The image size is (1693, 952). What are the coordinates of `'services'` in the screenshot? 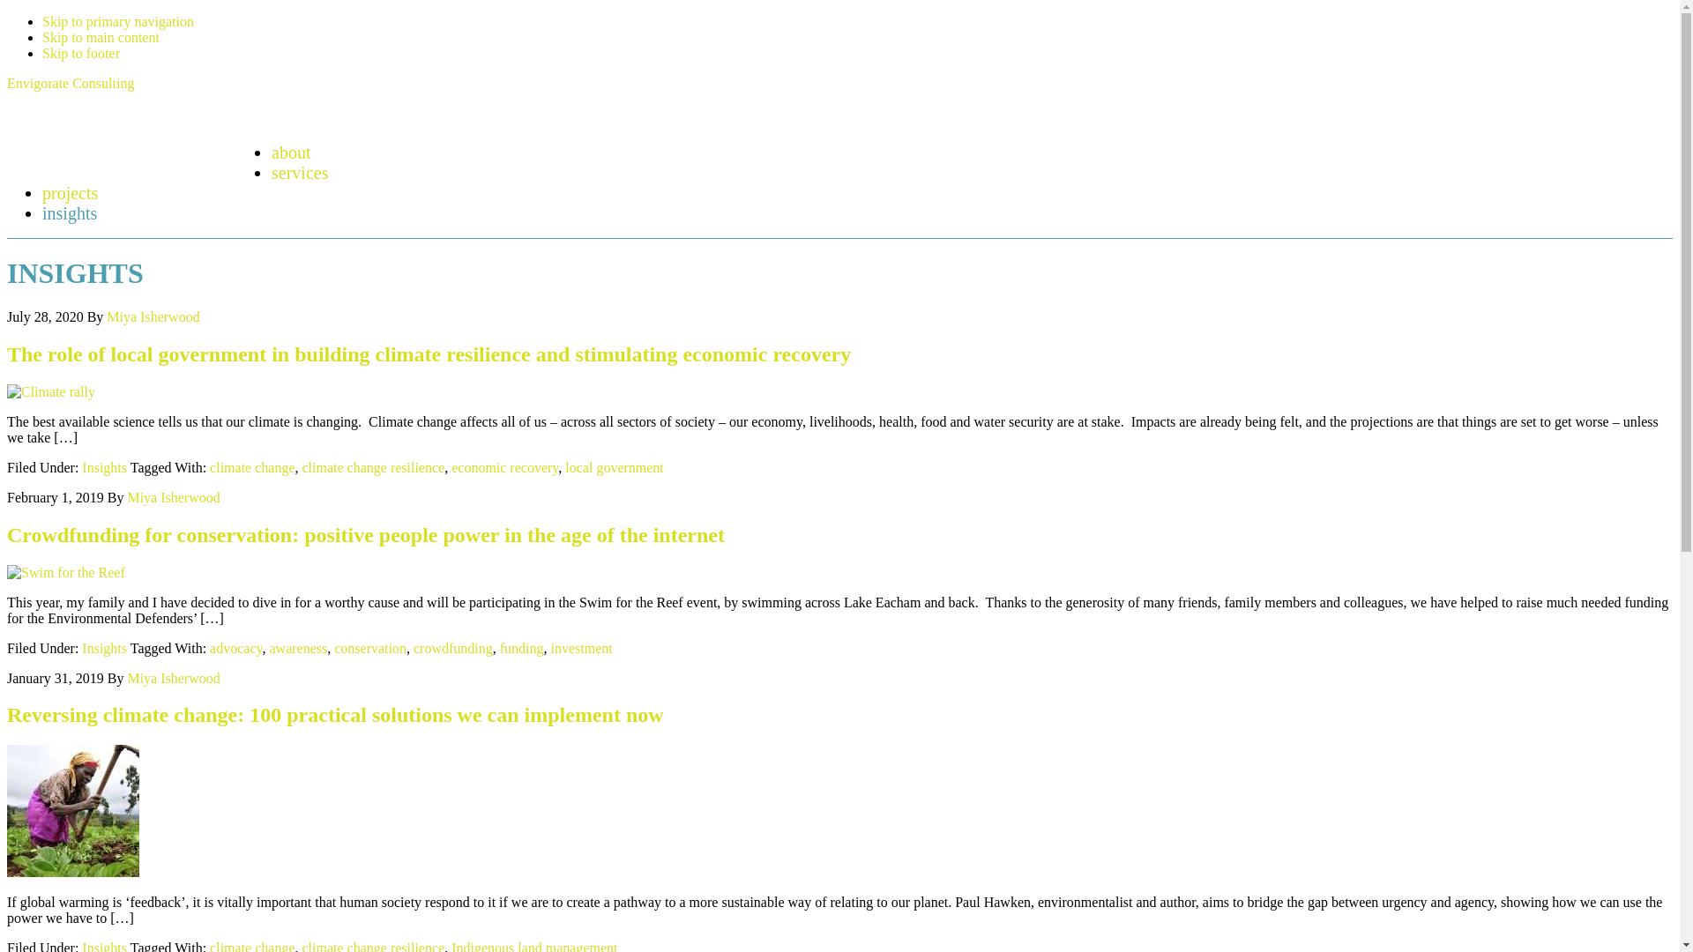 It's located at (300, 173).